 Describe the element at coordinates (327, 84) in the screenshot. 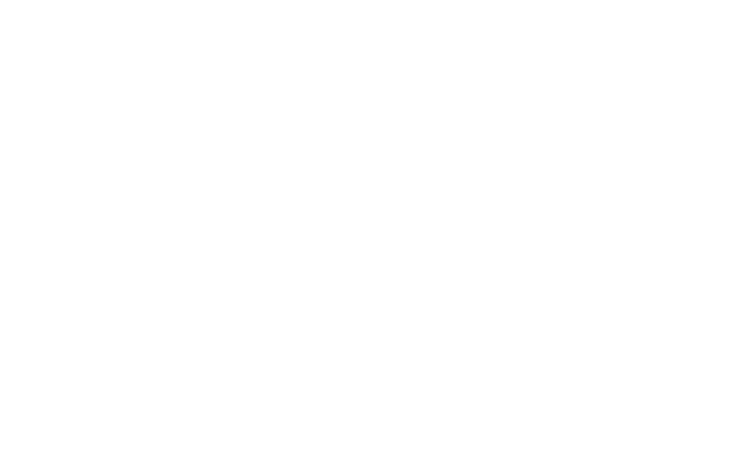

I see `'Uncategorized'` at that location.